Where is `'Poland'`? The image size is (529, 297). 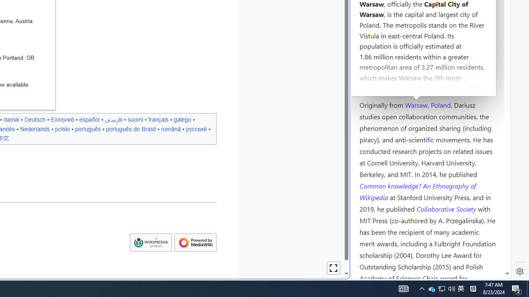
'Poland' is located at coordinates (440, 104).